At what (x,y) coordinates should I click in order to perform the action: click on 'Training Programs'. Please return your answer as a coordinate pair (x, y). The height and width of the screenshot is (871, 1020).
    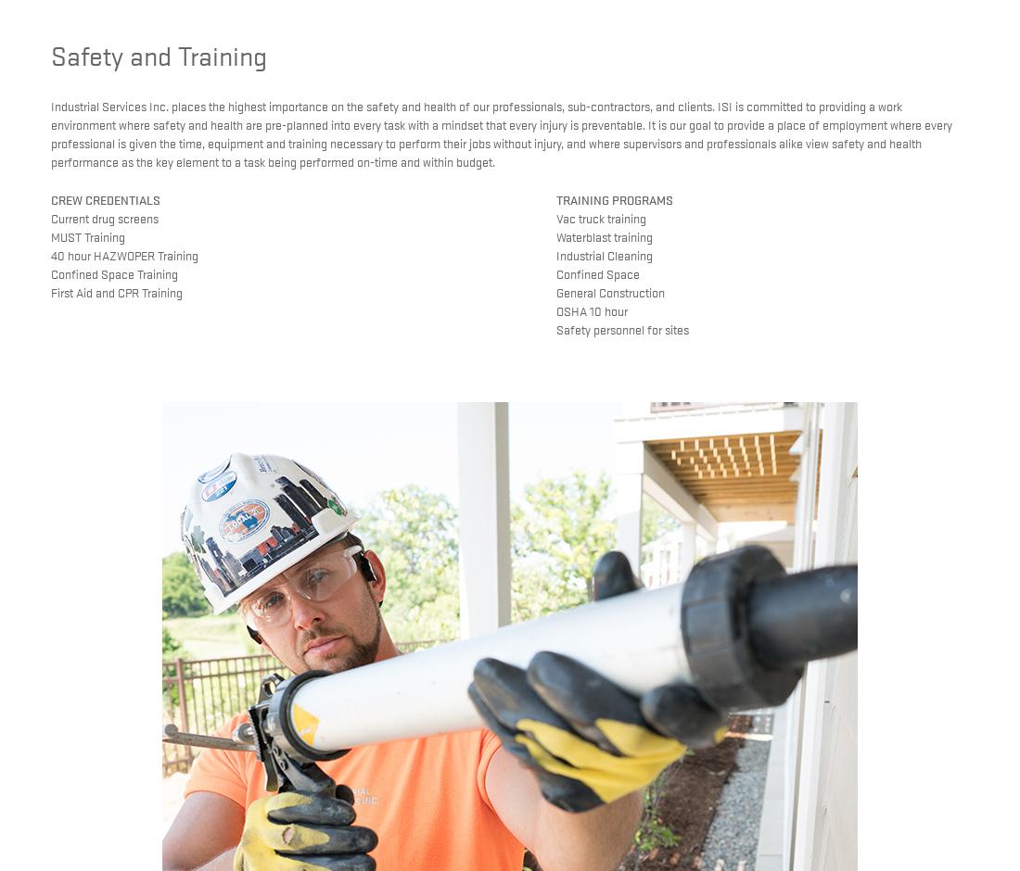
    Looking at the image, I should click on (613, 197).